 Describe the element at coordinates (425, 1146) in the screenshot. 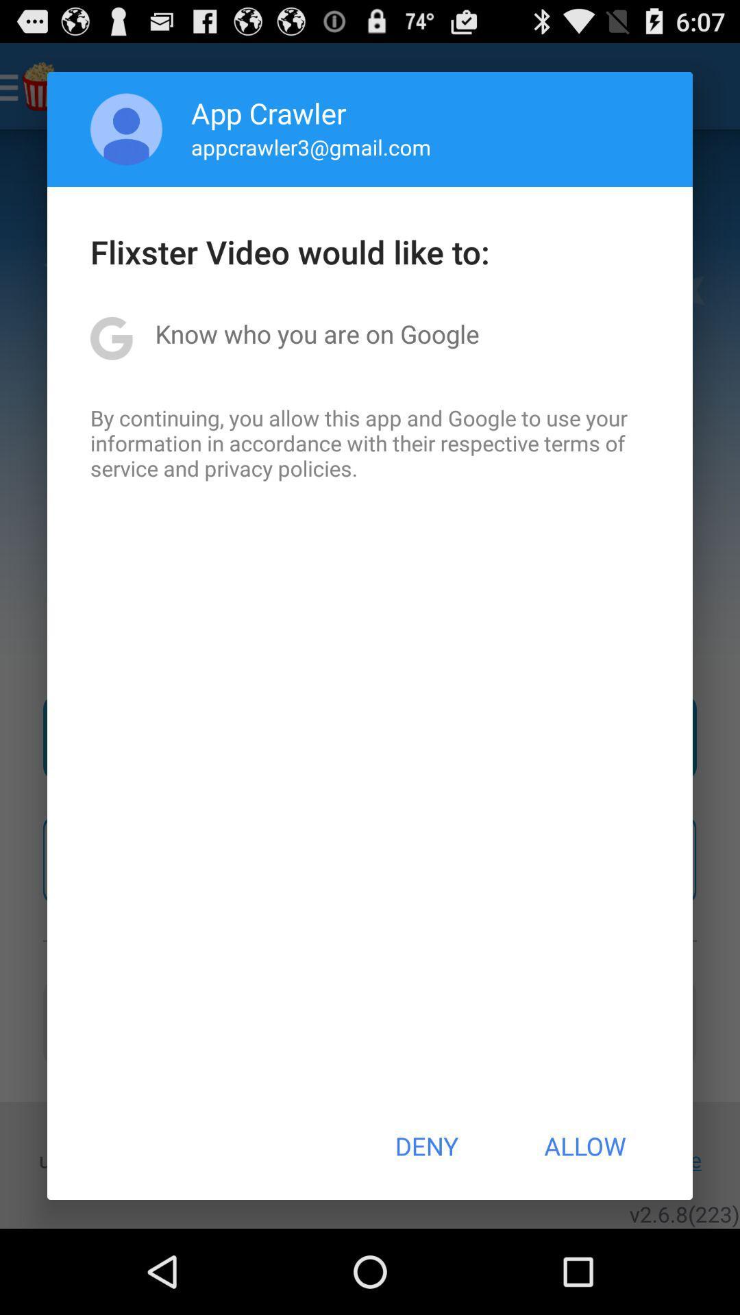

I see `icon at the bottom` at that location.